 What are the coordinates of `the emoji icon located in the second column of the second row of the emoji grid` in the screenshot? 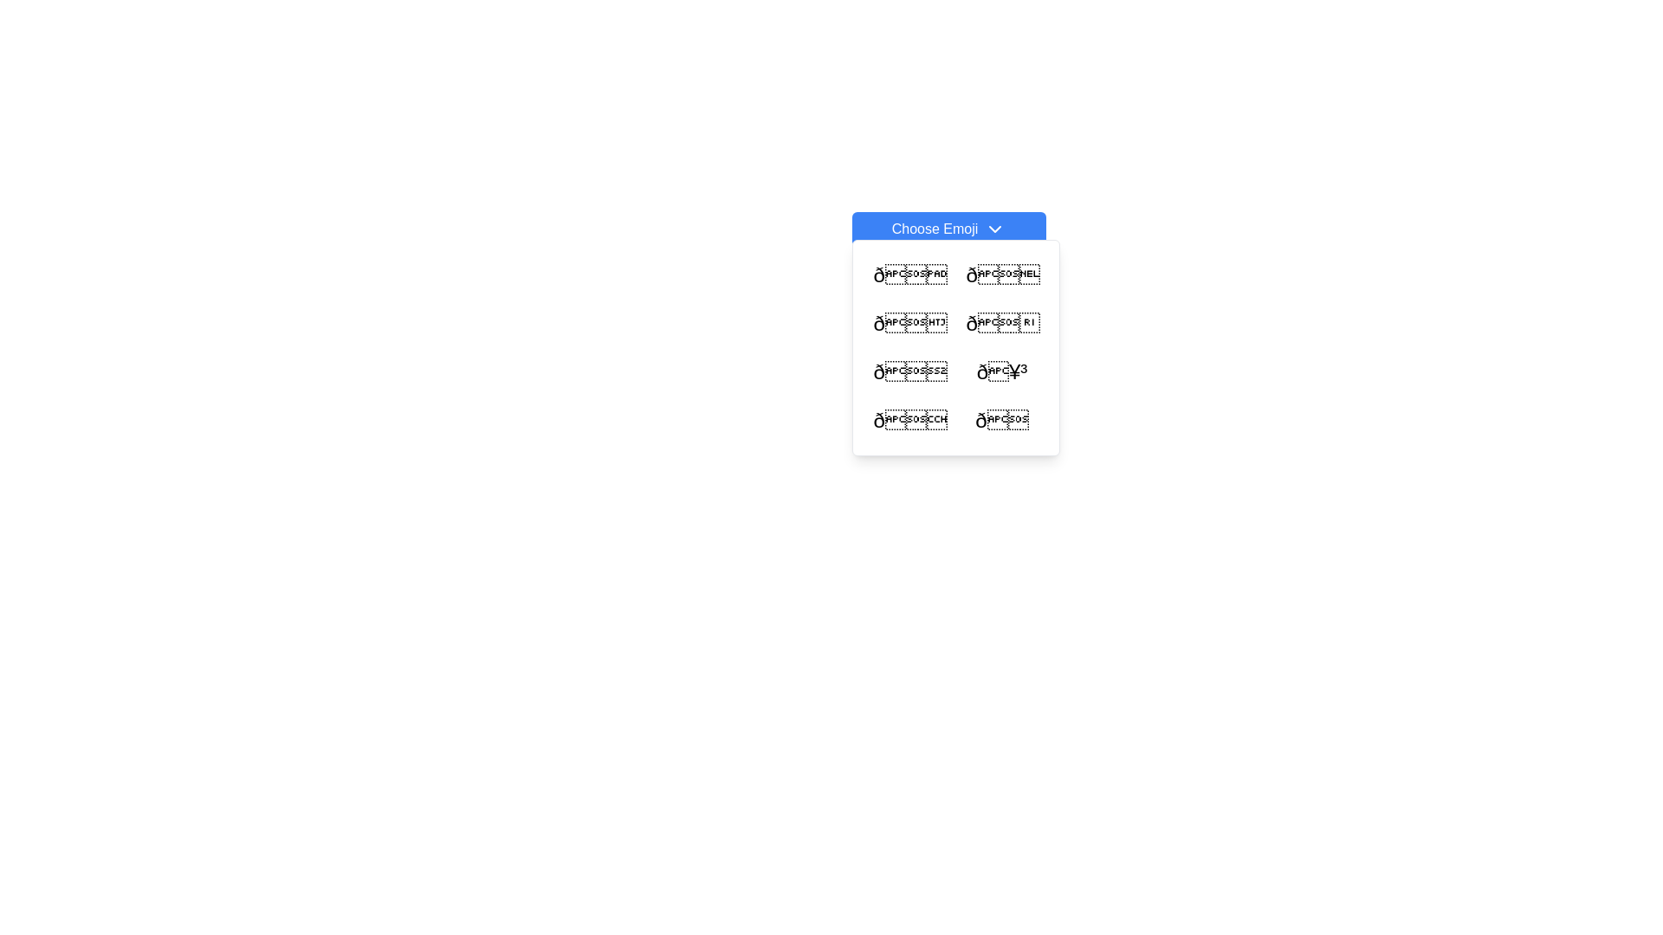 It's located at (1001, 324).